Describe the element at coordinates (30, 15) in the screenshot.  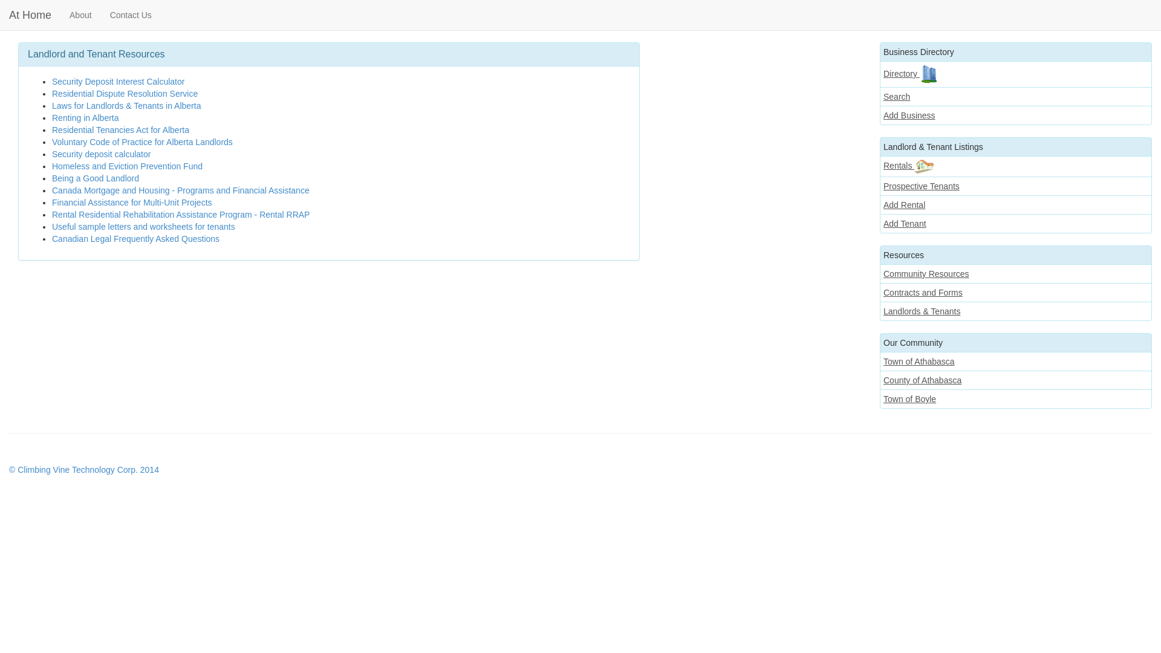
I see `'At Home'` at that location.